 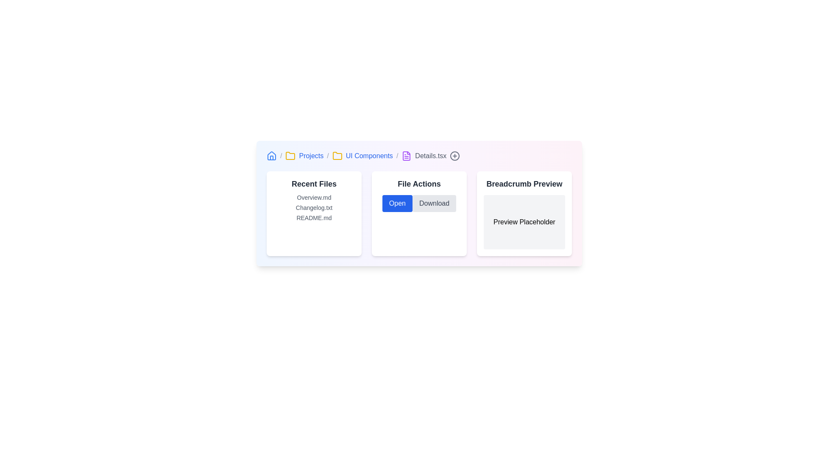 What do you see at coordinates (397, 156) in the screenshot?
I see `the gray forward-slash character ('/') in the breadcrumb navigation between 'UI Components' and 'Details.tsx'` at bounding box center [397, 156].